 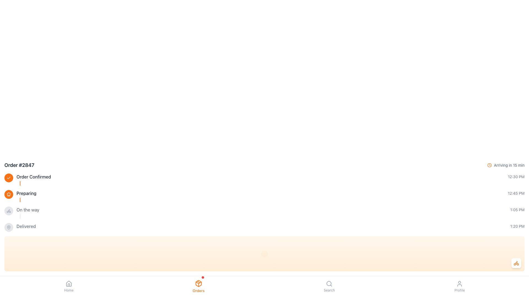 What do you see at coordinates (198, 283) in the screenshot?
I see `the 'Orders' icon in the bottom navigation bar` at bounding box center [198, 283].